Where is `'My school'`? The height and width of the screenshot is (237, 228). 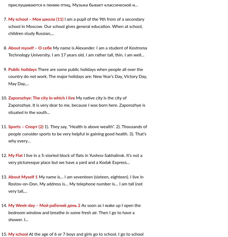
'My school' is located at coordinates (19, 234).